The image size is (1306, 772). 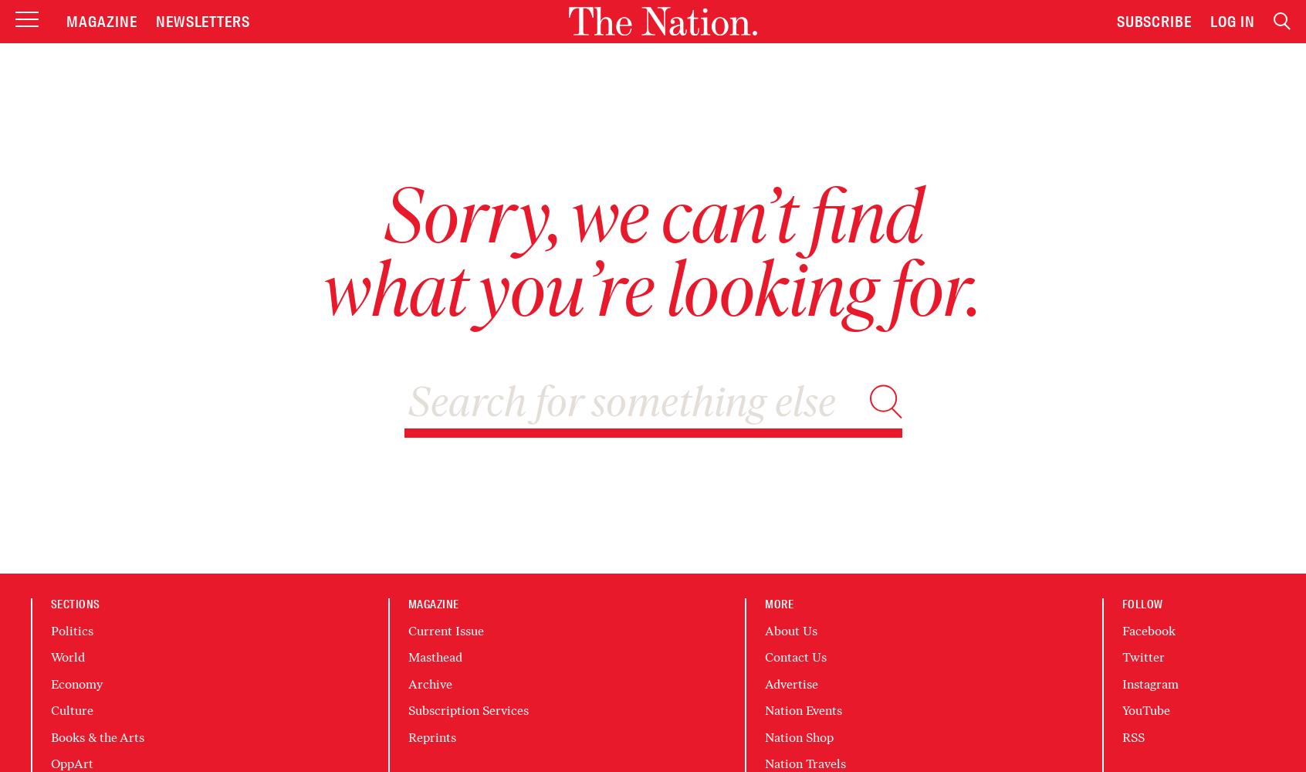 I want to click on 'RSS', so click(x=1132, y=736).